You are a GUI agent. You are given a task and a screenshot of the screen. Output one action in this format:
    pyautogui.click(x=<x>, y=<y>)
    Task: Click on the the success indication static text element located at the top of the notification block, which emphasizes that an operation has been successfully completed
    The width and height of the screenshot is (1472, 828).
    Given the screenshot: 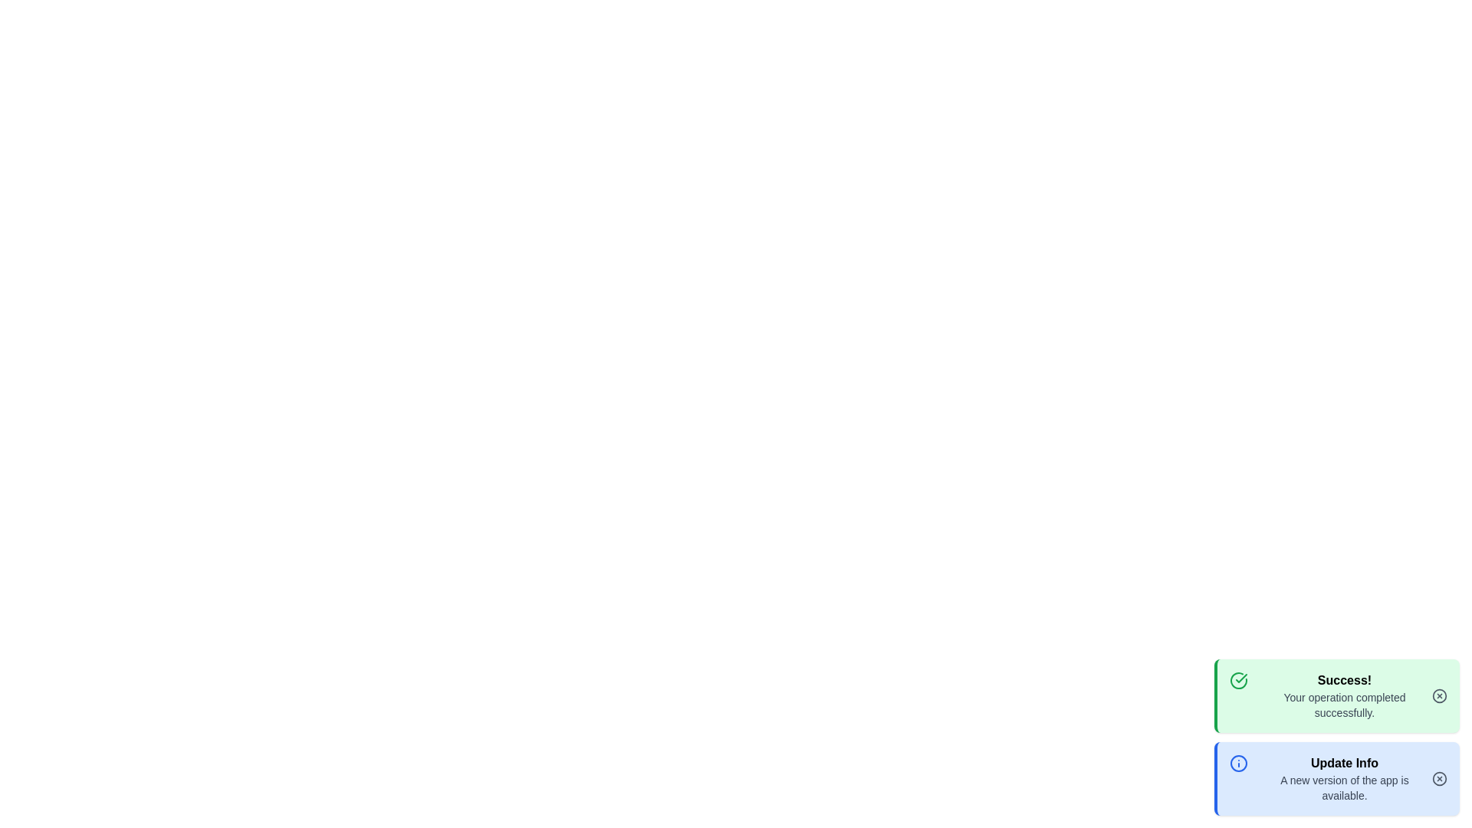 What is the action you would take?
    pyautogui.click(x=1343, y=679)
    